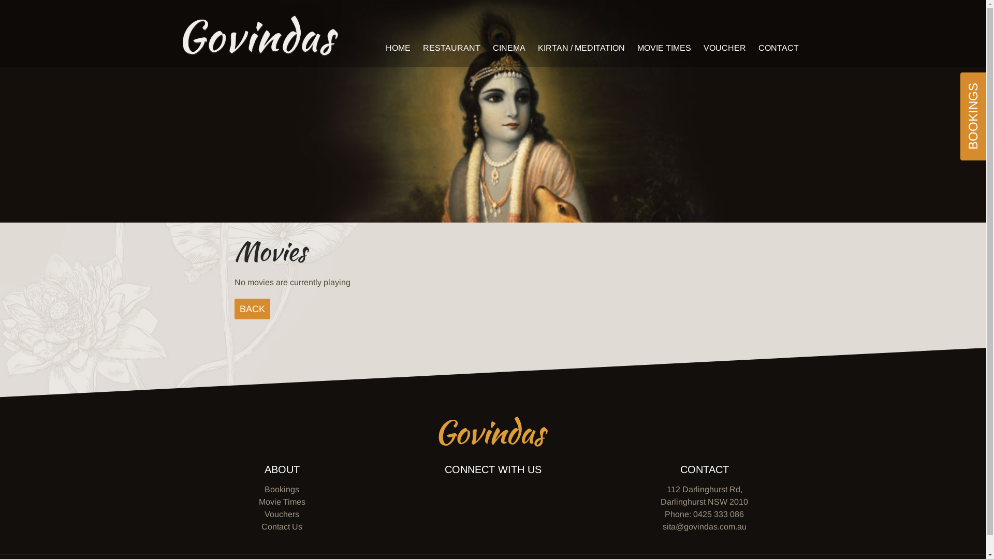 The image size is (994, 559). What do you see at coordinates (487, 48) in the screenshot?
I see `'CINEMA'` at bounding box center [487, 48].